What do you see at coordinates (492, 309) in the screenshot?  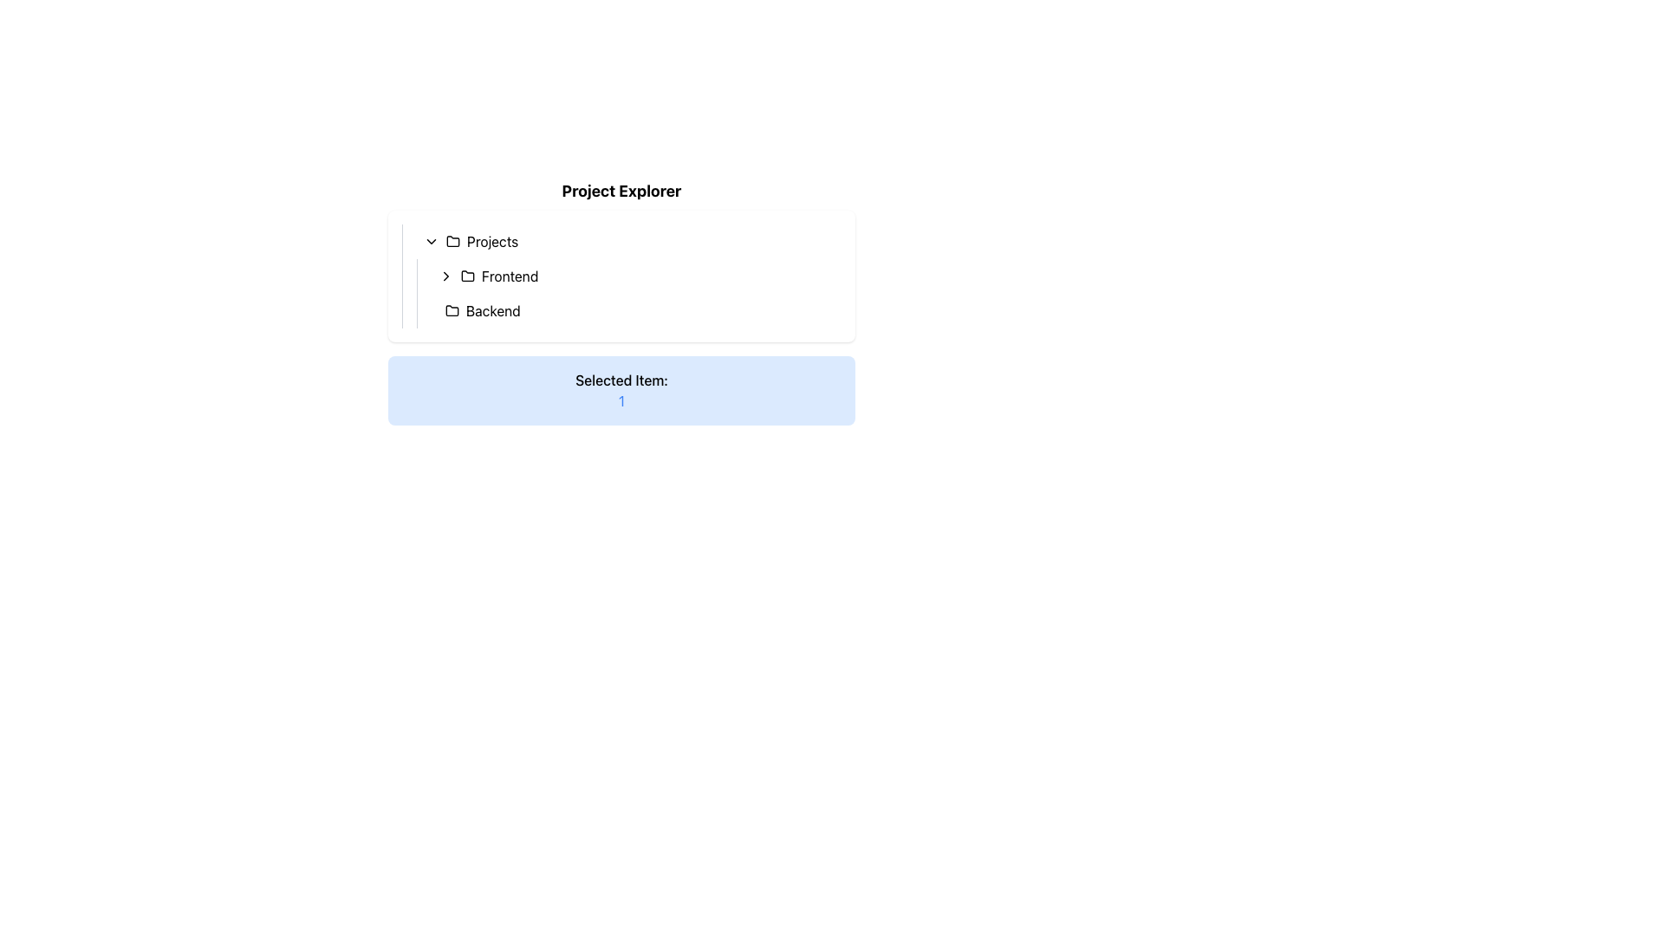 I see `the 'Backend' folder text label` at bounding box center [492, 309].